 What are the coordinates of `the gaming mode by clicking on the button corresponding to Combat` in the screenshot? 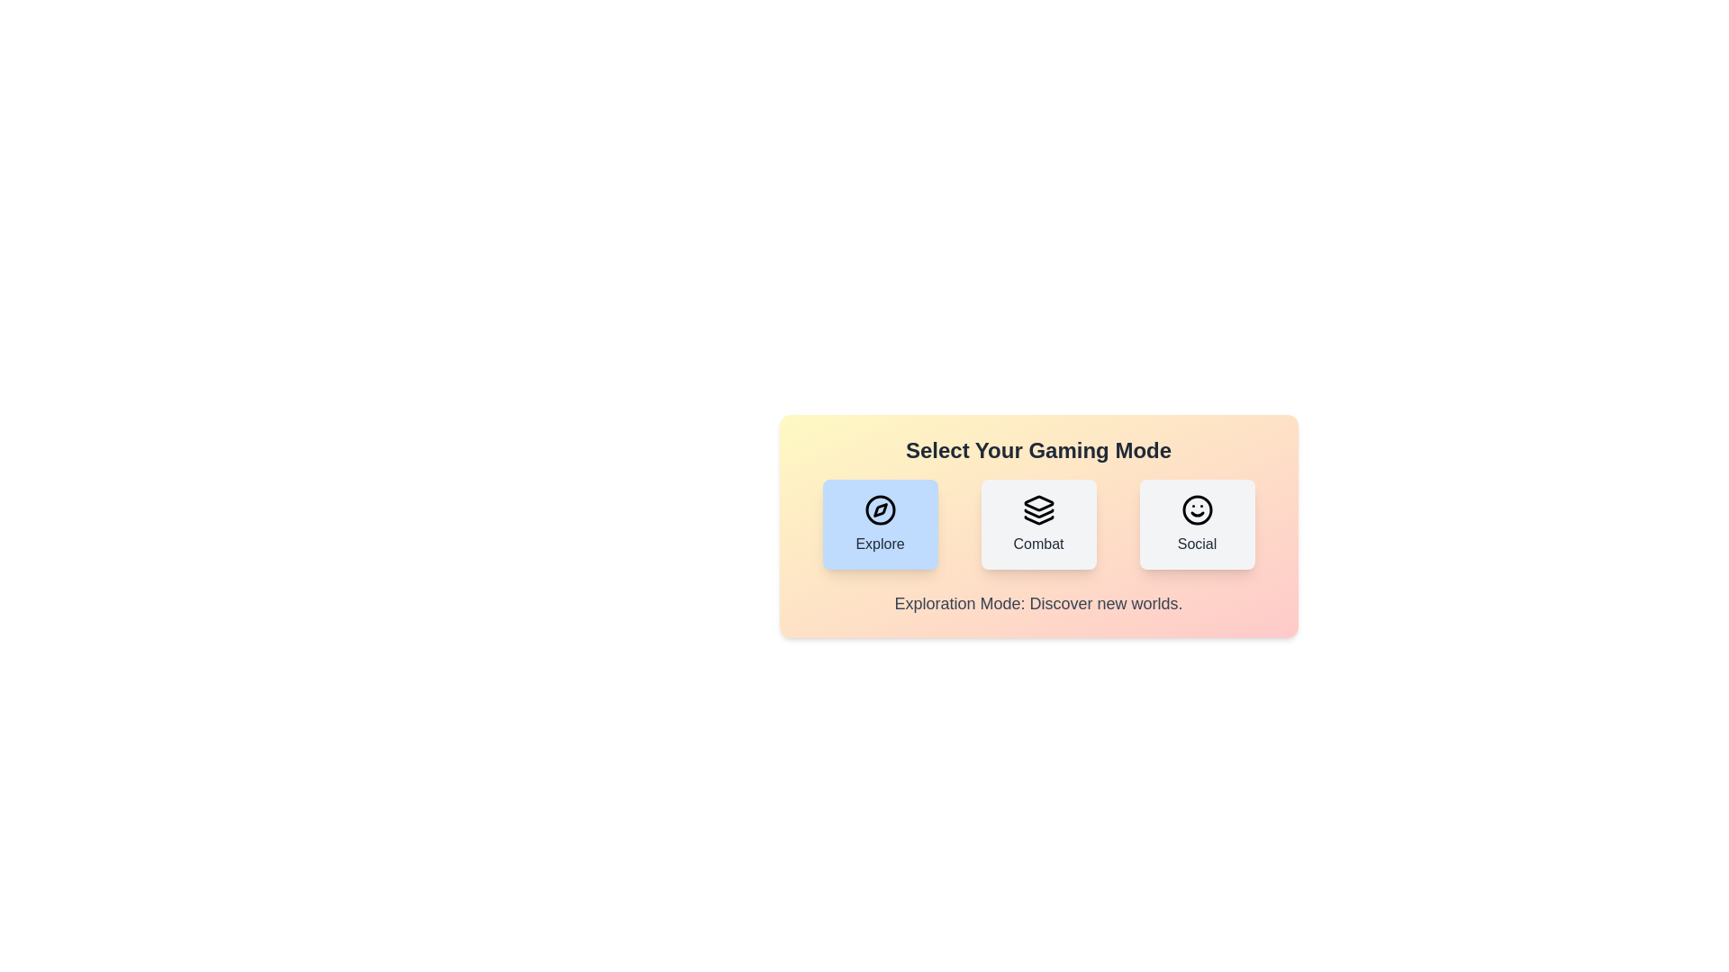 It's located at (1038, 524).